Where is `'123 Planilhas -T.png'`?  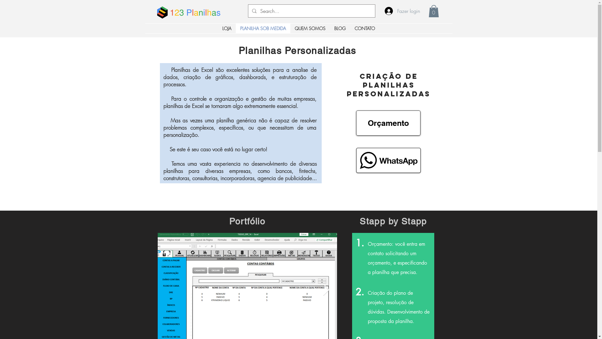
'123 Planilhas -T.png' is located at coordinates (195, 12).